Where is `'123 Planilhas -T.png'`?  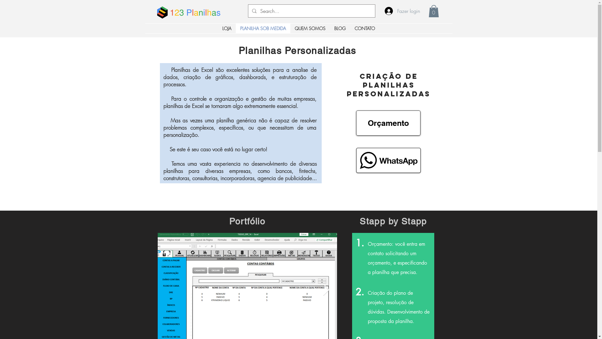
'123 Planilhas -T.png' is located at coordinates (195, 12).